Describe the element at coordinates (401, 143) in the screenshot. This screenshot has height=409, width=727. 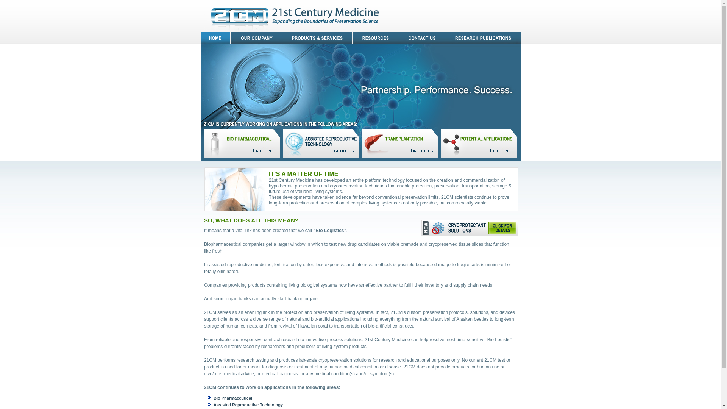
I see `'Transplantation'` at that location.